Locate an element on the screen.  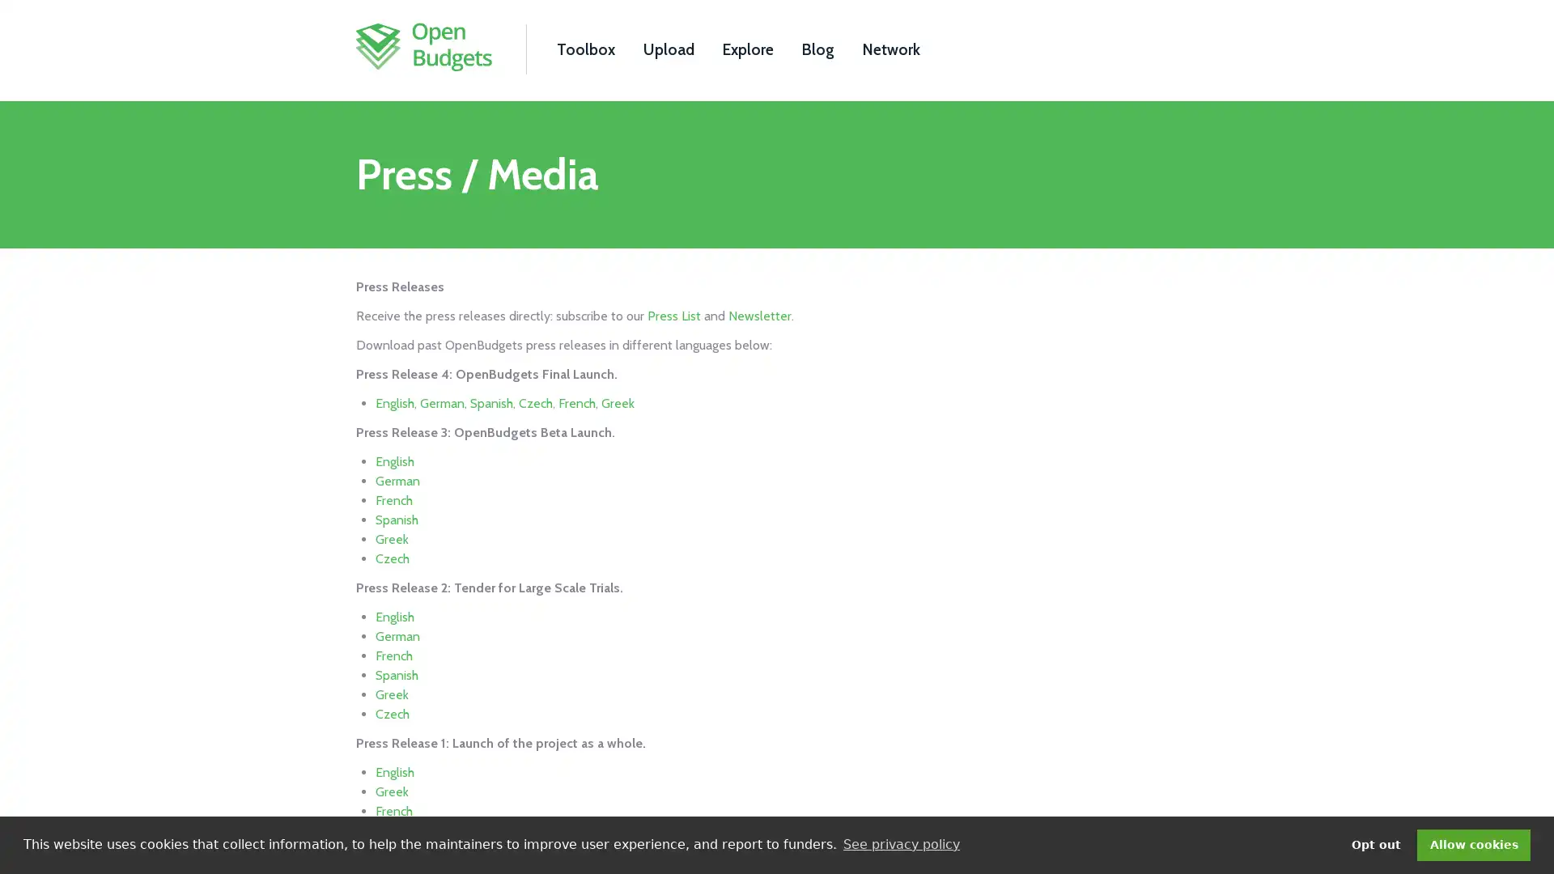
deny cookies is located at coordinates (1374, 844).